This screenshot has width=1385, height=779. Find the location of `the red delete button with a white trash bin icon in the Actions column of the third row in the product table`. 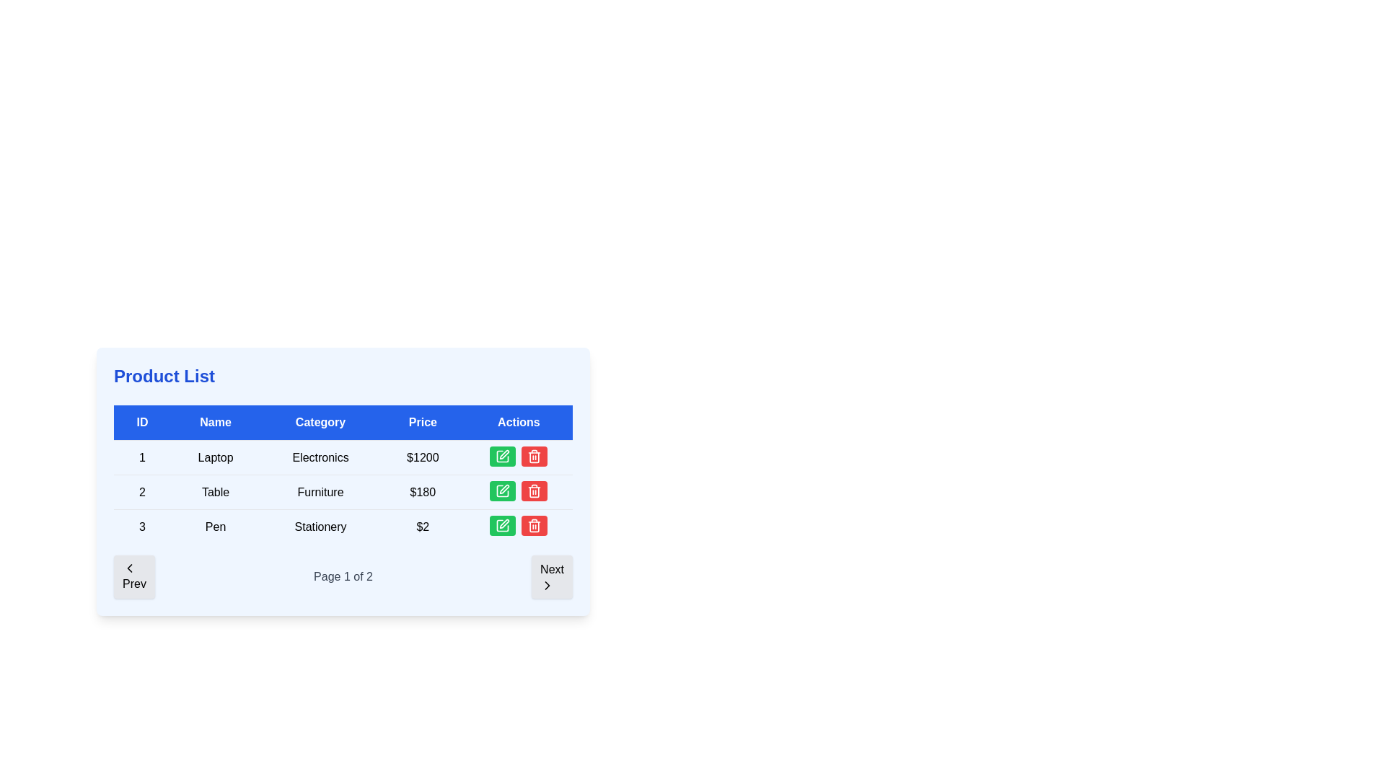

the red delete button with a white trash bin icon in the Actions column of the third row in the product table is located at coordinates (534, 456).